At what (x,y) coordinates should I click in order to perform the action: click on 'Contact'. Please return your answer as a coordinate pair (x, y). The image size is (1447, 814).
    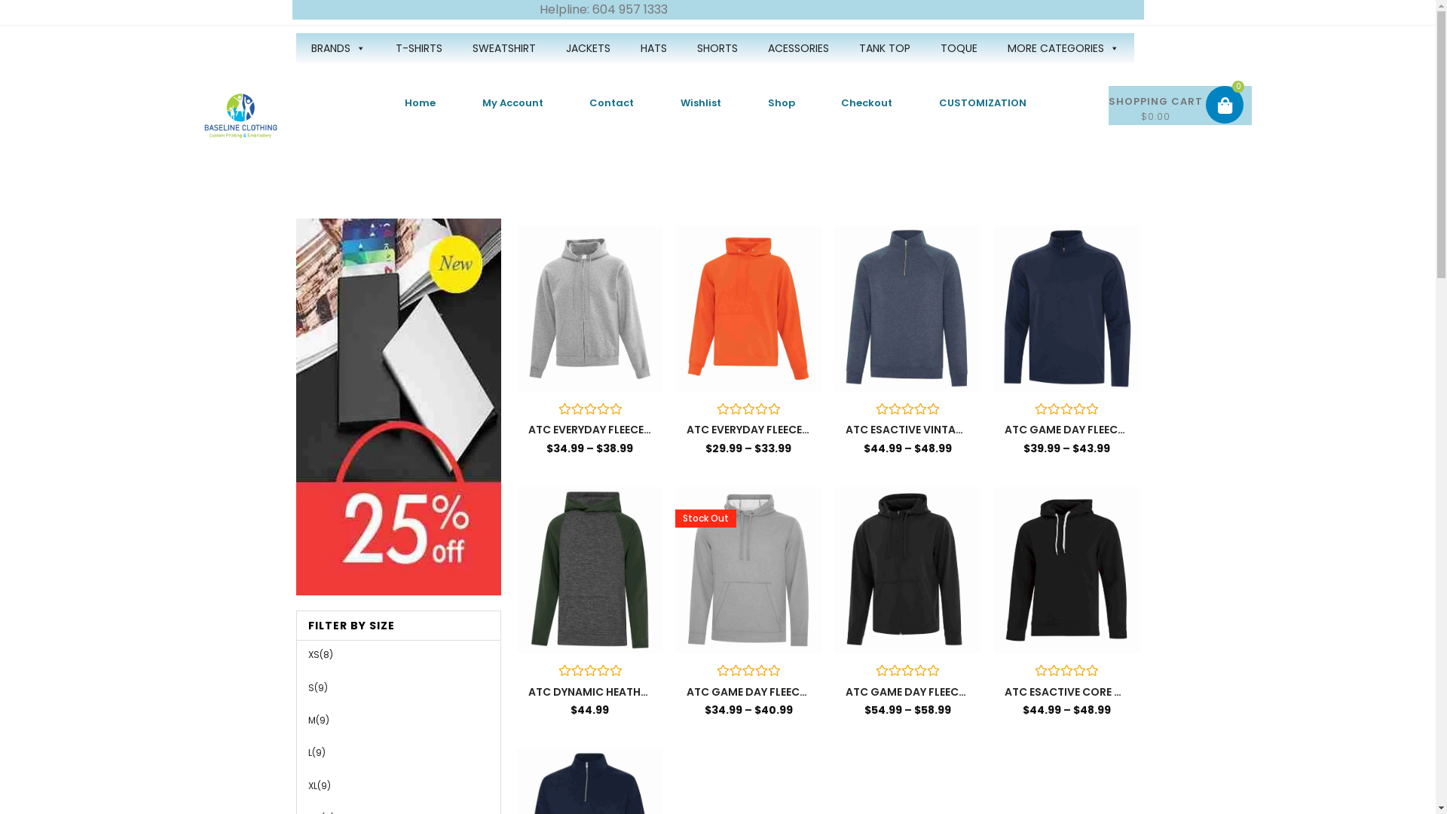
    Looking at the image, I should click on (612, 103).